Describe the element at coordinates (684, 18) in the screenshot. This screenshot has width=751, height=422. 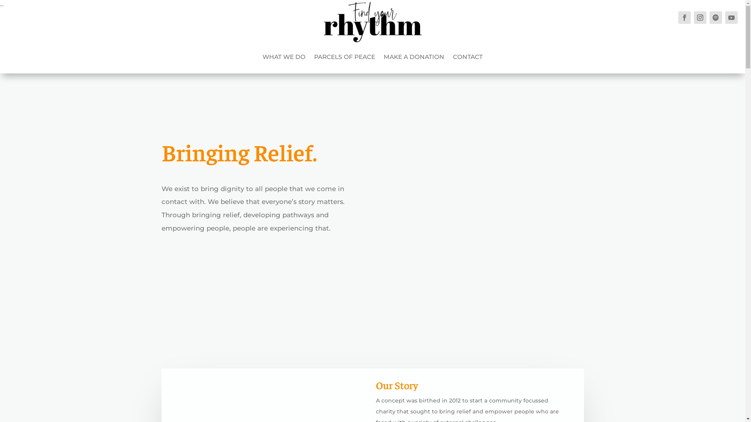
I see `'Follow on Facebook'` at that location.